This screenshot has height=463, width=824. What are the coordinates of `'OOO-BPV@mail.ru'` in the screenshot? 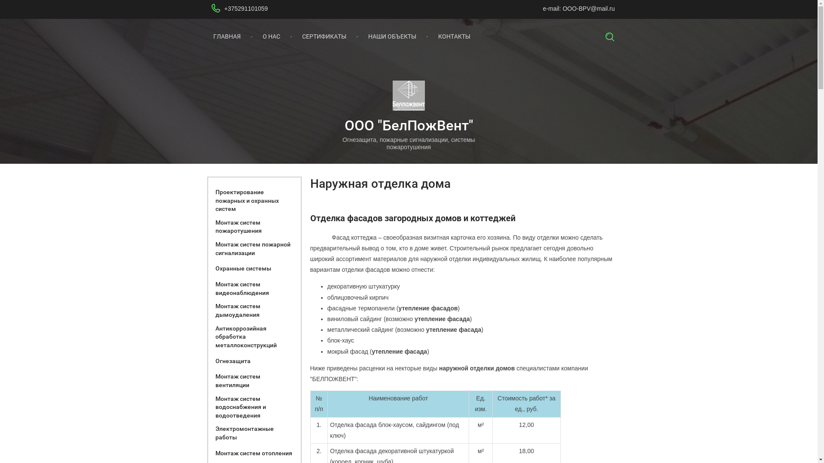 It's located at (562, 8).